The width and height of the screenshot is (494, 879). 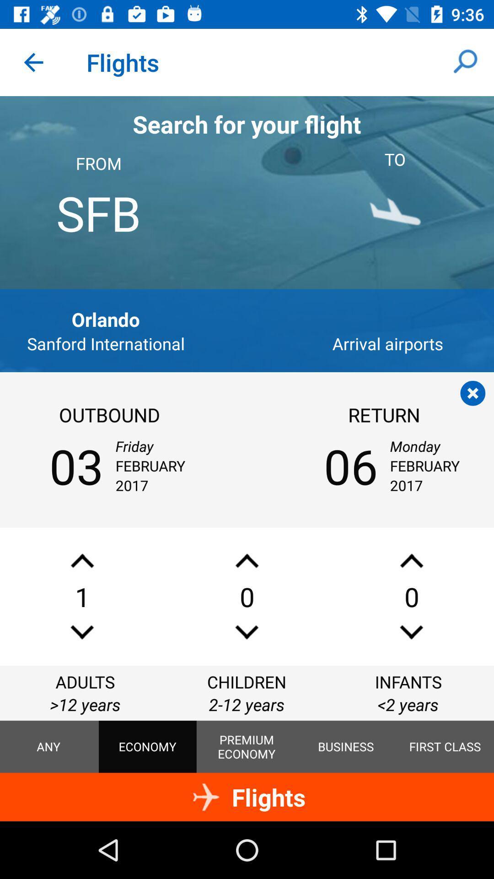 What do you see at coordinates (33, 62) in the screenshot?
I see `item to the left of flights app` at bounding box center [33, 62].